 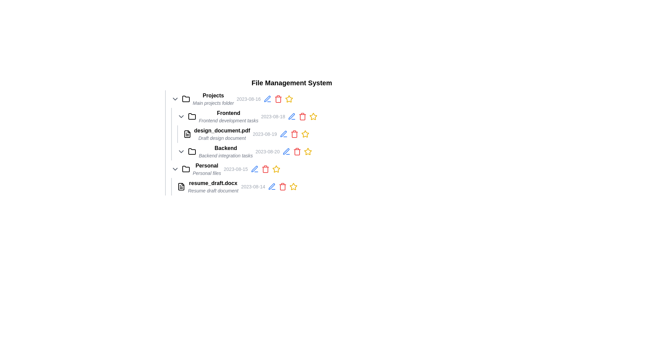 What do you see at coordinates (302, 116) in the screenshot?
I see `the delete icon button located in the 'Frontend' section, positioned near the date '2023-08-18'` at bounding box center [302, 116].